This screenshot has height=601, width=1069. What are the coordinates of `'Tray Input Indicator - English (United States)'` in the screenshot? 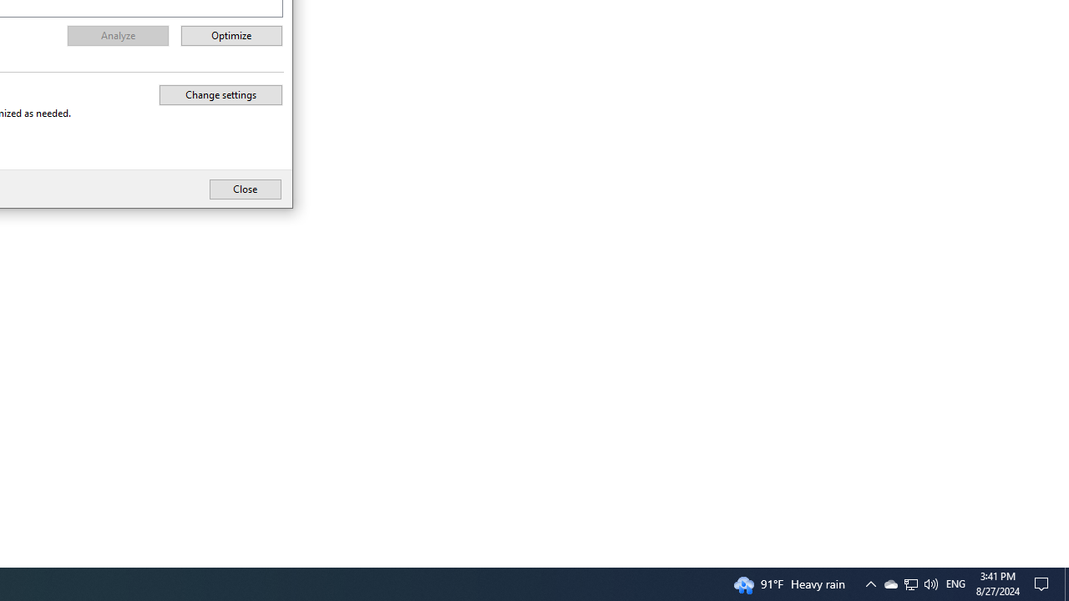 It's located at (909, 583).